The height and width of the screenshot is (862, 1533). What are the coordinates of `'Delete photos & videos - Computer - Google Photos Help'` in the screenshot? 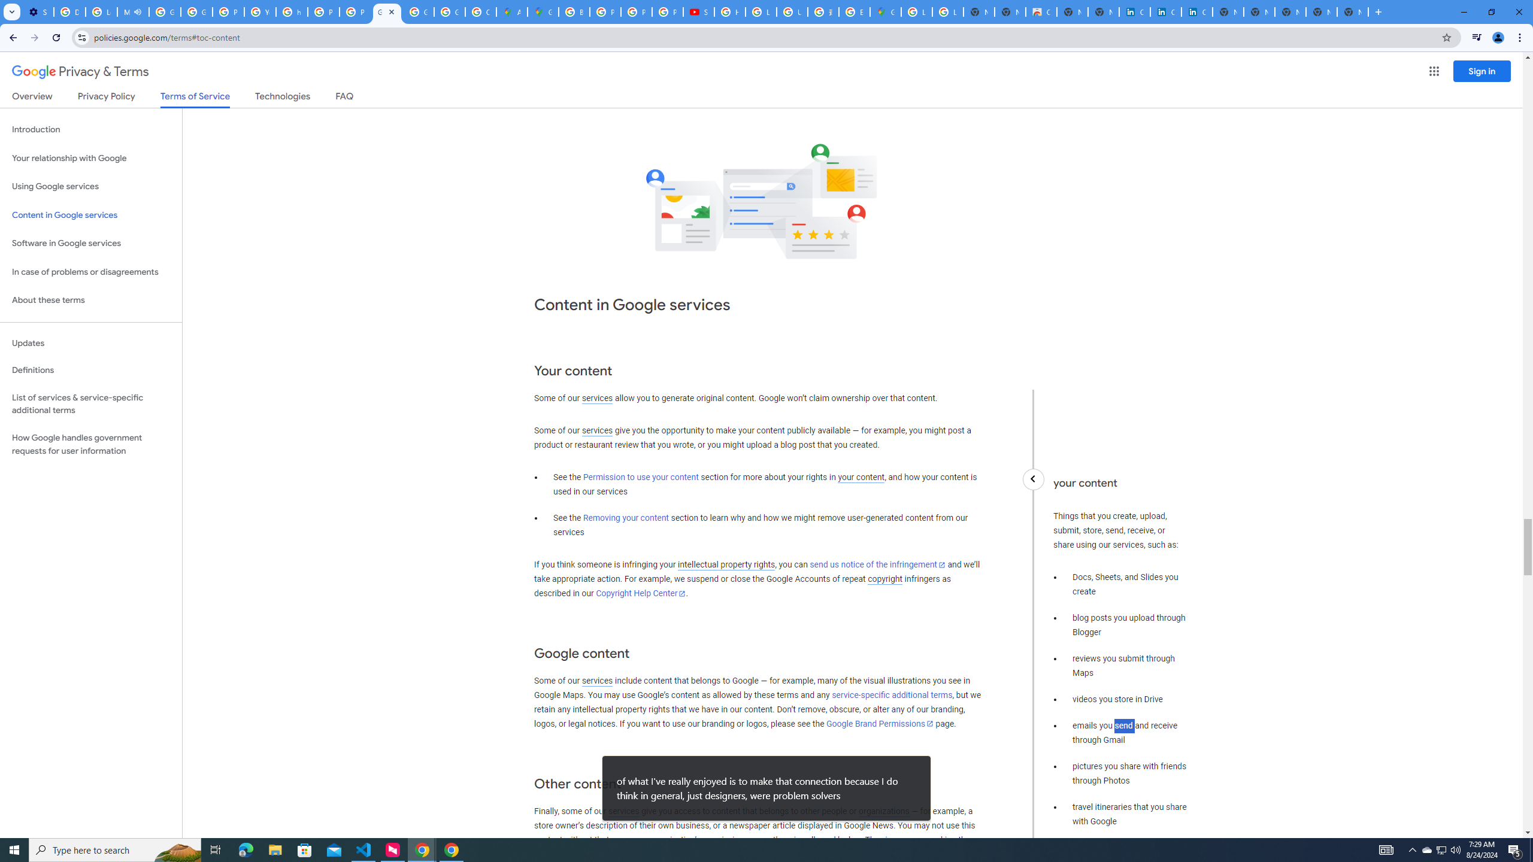 It's located at (69, 11).